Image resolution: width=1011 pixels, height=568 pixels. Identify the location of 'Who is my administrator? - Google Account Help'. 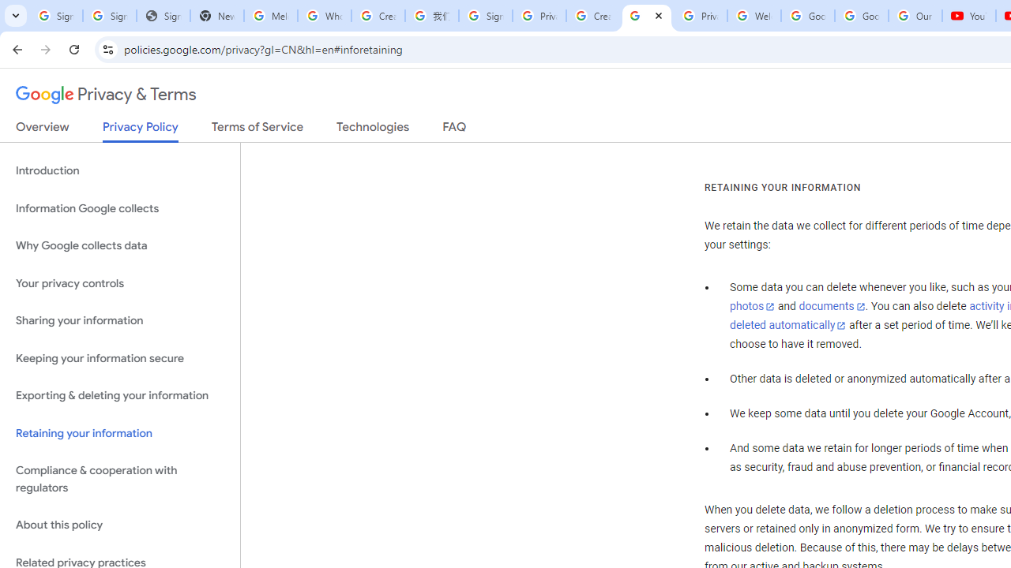
(324, 16).